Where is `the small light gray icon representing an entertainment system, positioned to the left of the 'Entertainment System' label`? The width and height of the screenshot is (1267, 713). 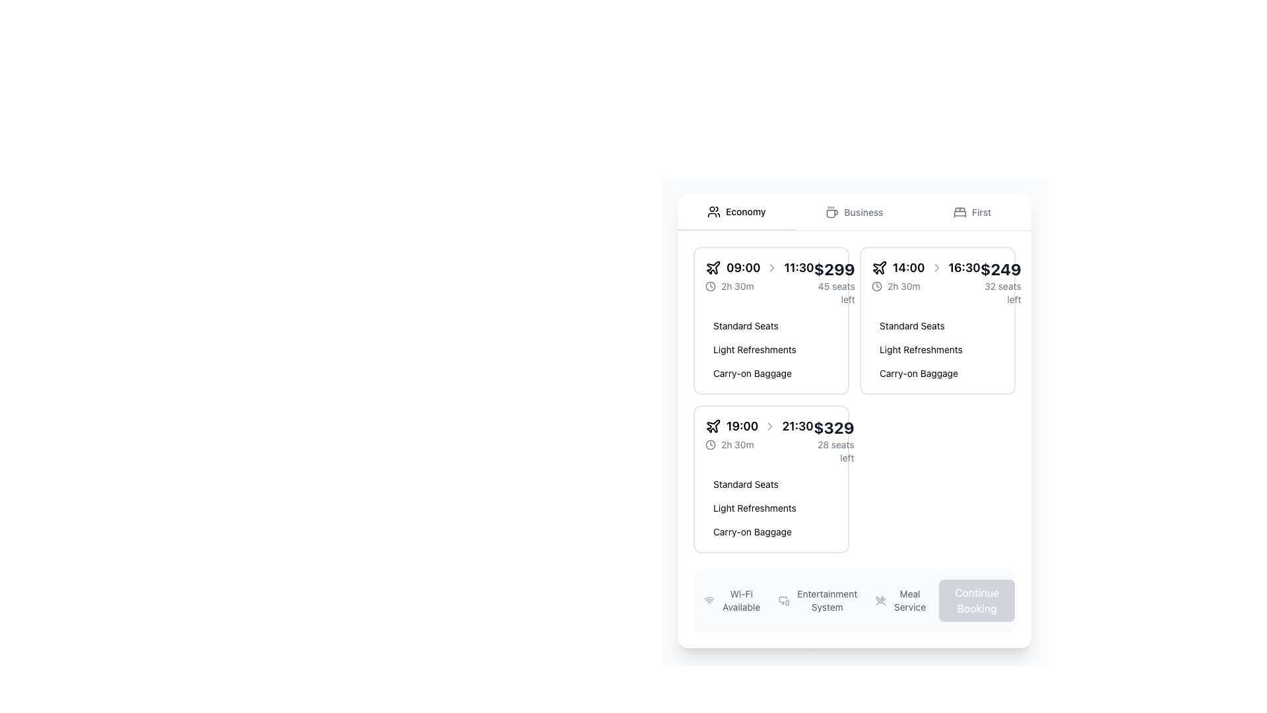 the small light gray icon representing an entertainment system, positioned to the left of the 'Entertainment System' label is located at coordinates (784, 601).